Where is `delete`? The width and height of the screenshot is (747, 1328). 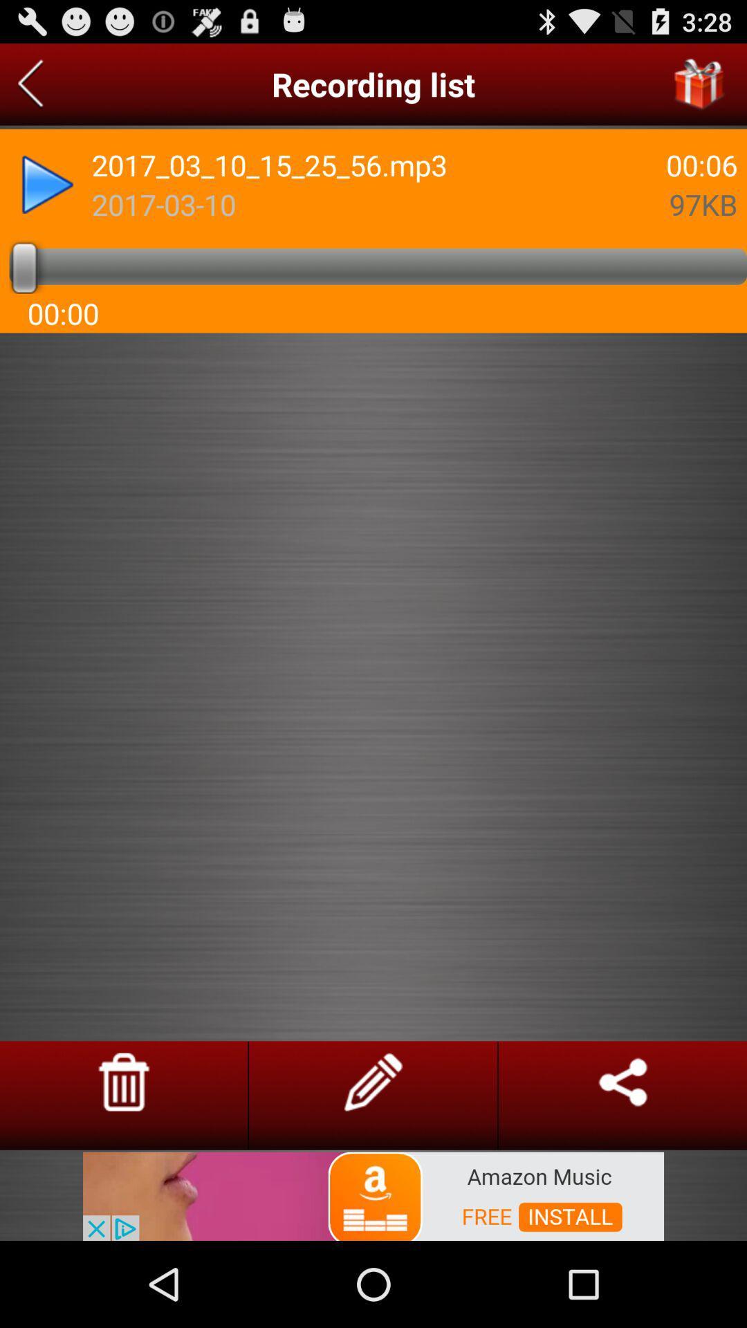
delete is located at coordinates (123, 1081).